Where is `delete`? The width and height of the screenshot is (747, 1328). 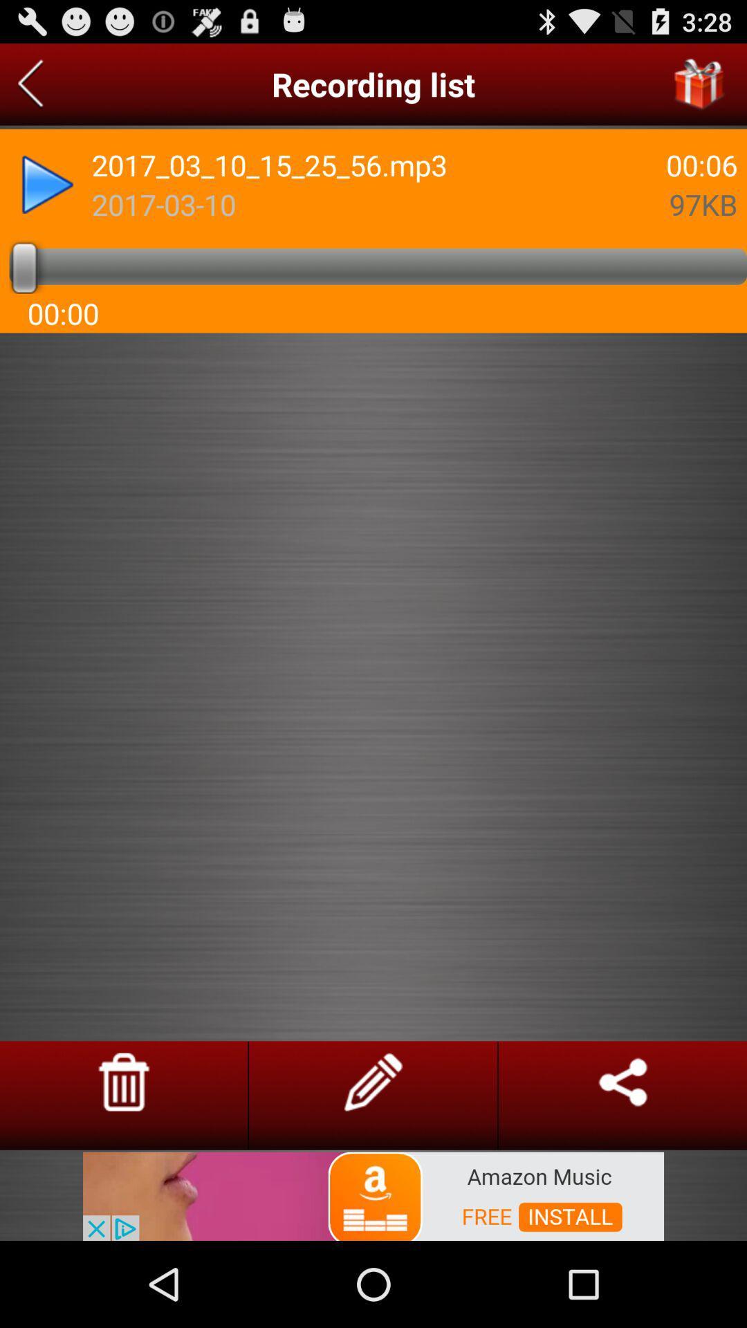
delete is located at coordinates (123, 1081).